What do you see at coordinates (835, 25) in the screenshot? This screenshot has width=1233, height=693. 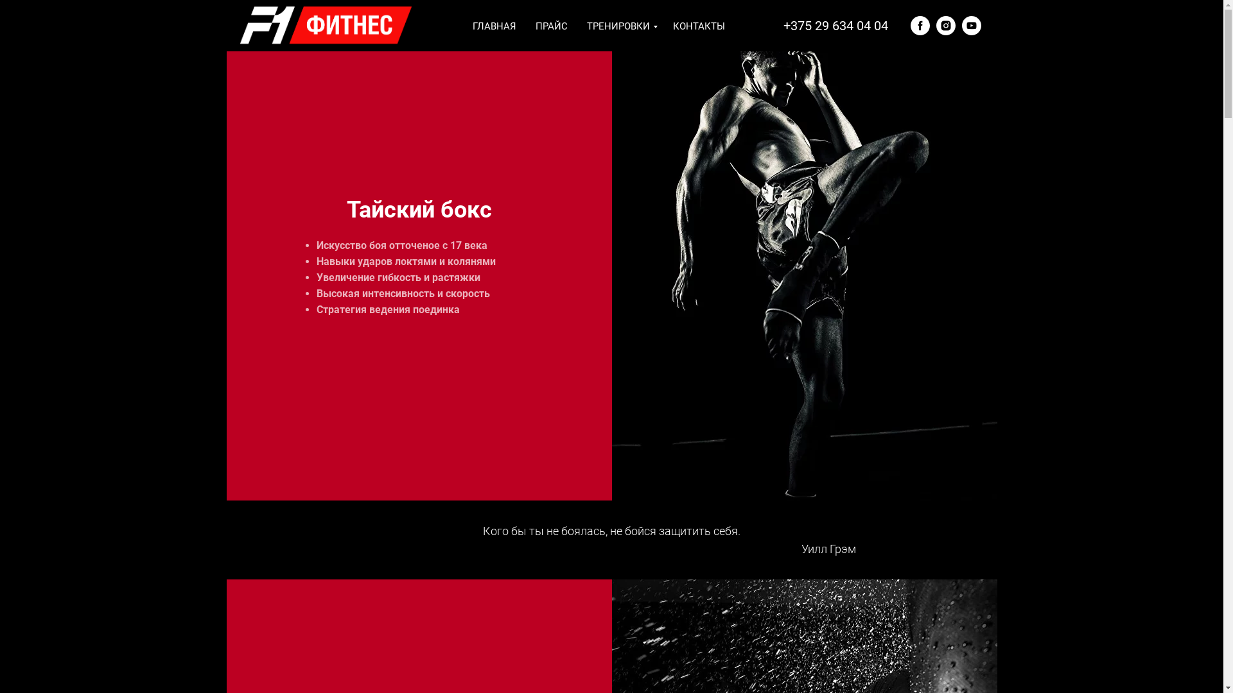 I see `'+375 29 634 04 04'` at bounding box center [835, 25].